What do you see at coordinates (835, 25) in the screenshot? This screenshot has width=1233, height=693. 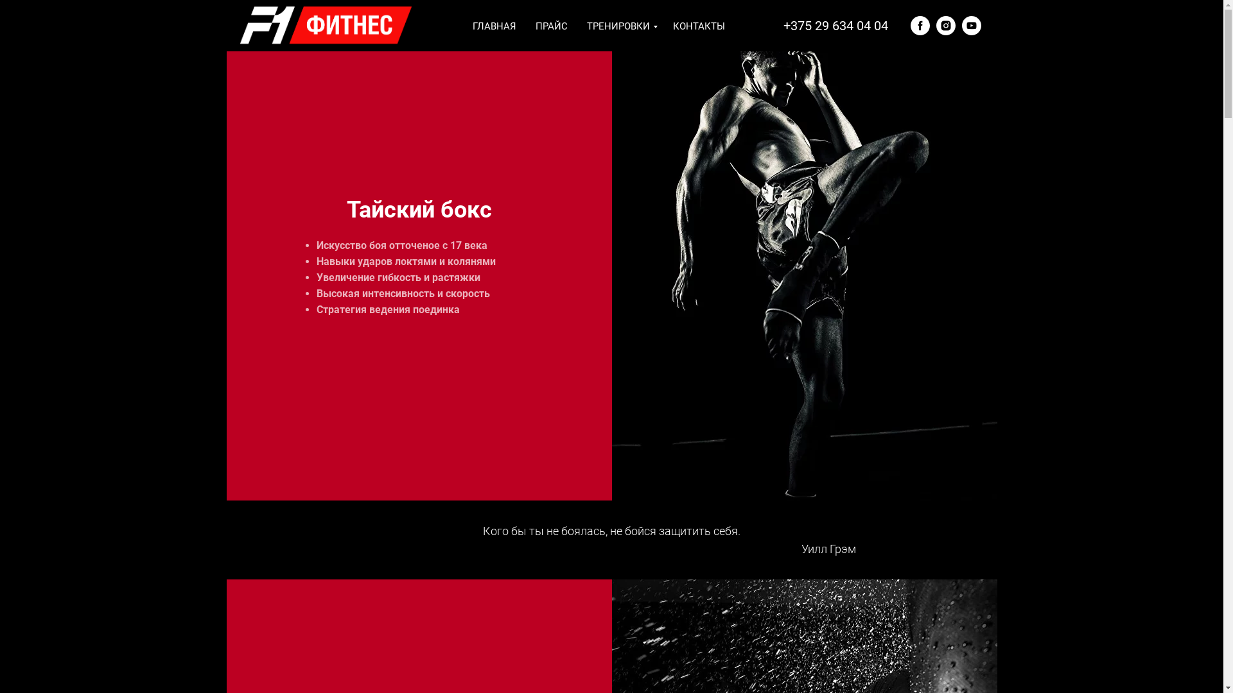 I see `'+375 29 634 04 04'` at bounding box center [835, 25].